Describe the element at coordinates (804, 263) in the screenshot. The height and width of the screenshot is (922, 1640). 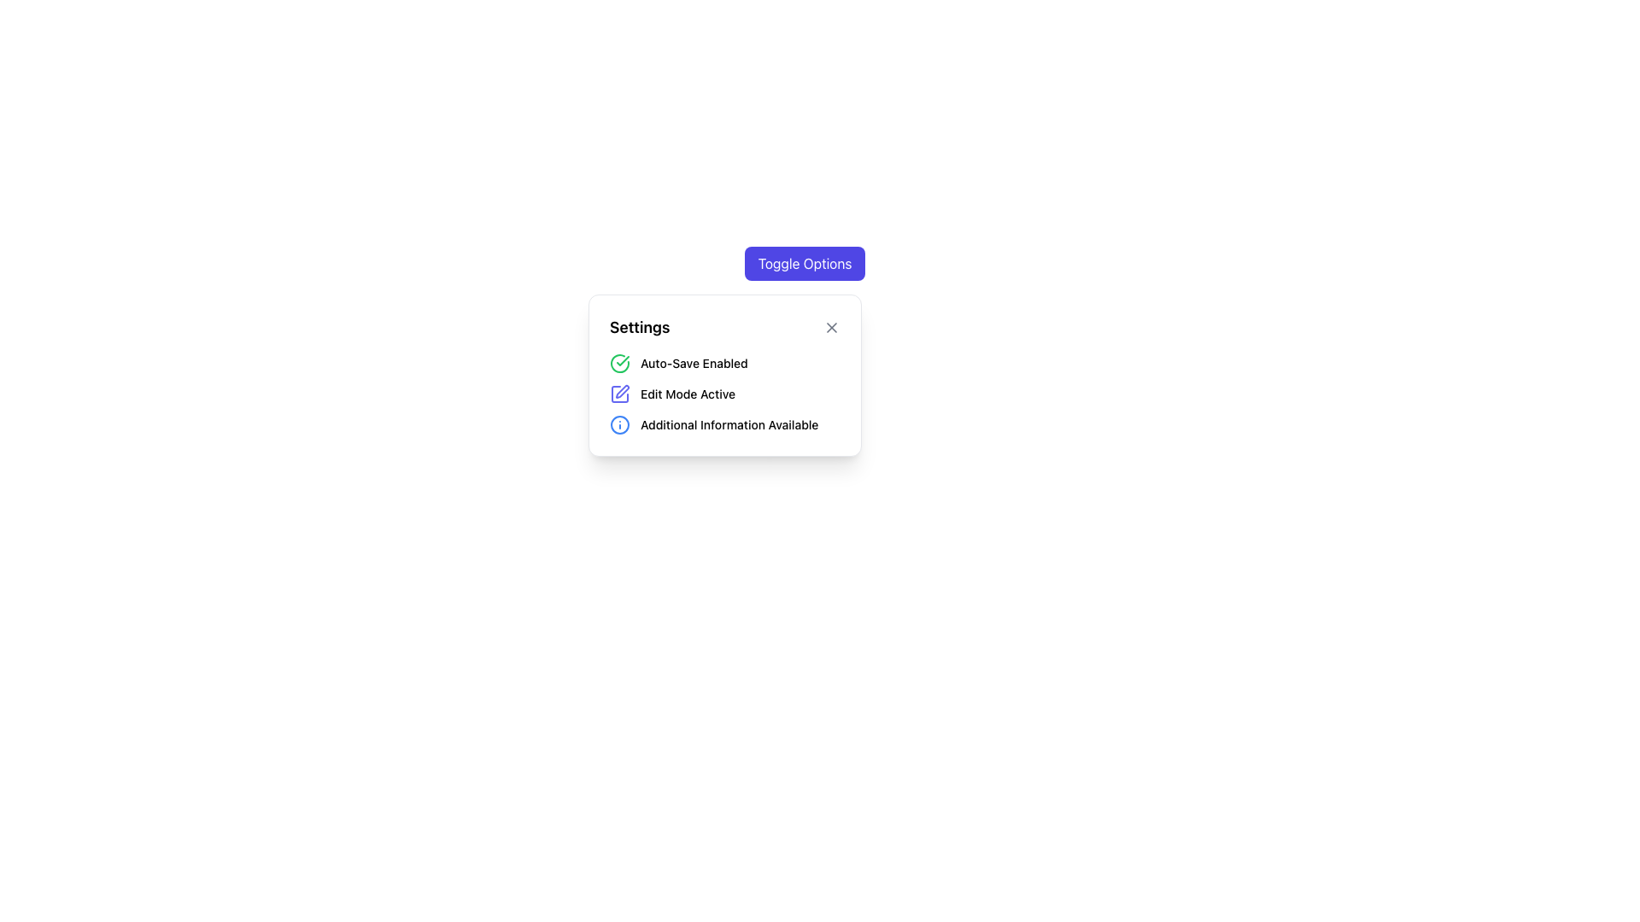
I see `the 'Toggle Options' button with a vibrant indigo background and white text` at that location.